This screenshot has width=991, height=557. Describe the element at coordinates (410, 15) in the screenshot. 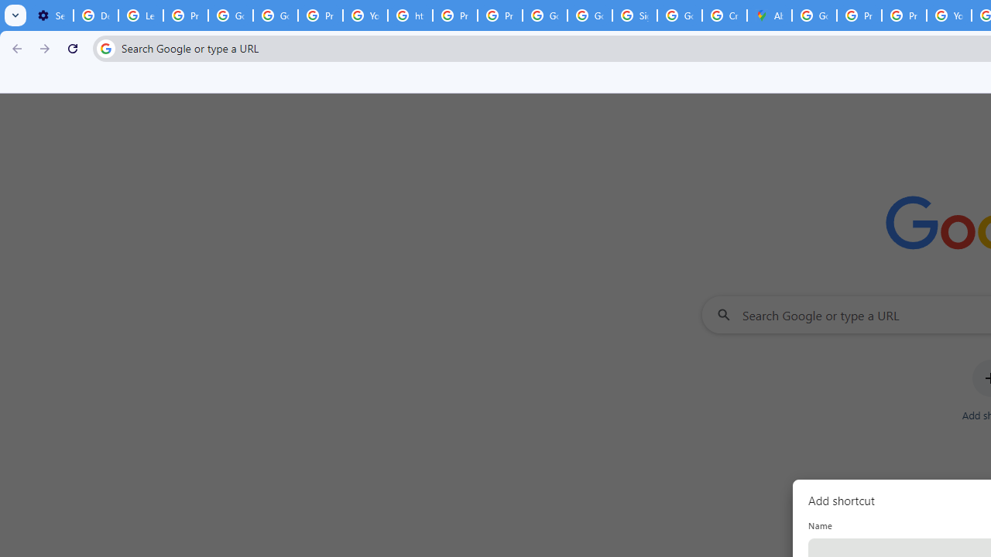

I see `'https://scholar.google.com/'` at that location.